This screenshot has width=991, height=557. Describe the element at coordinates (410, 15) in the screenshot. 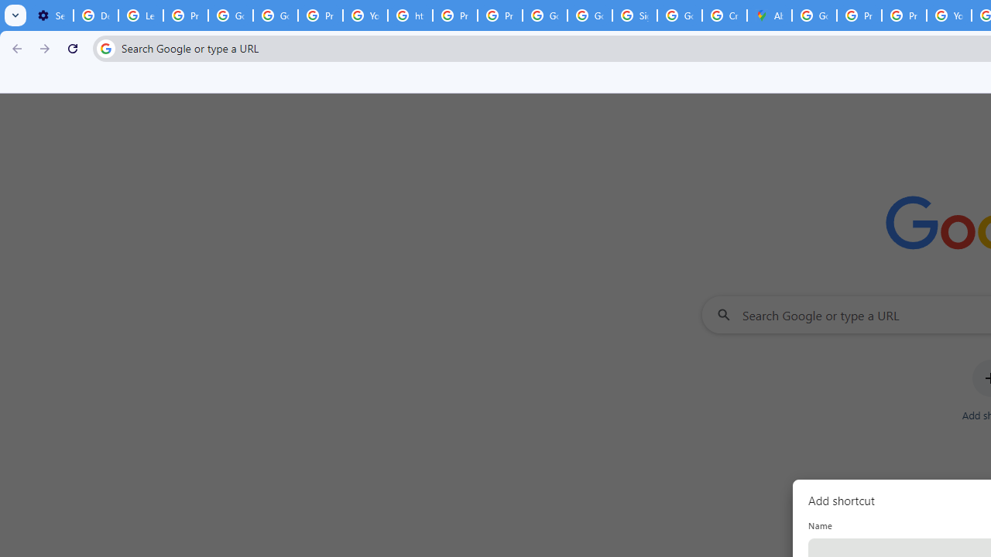

I see `'https://scholar.google.com/'` at that location.